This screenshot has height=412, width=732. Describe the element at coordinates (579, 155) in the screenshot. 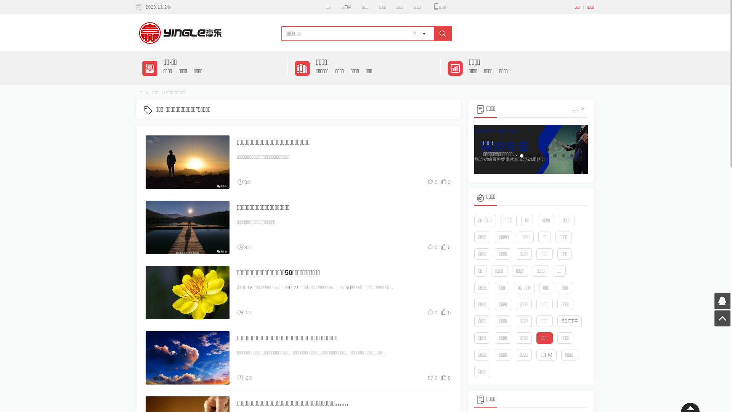

I see `'12'` at that location.